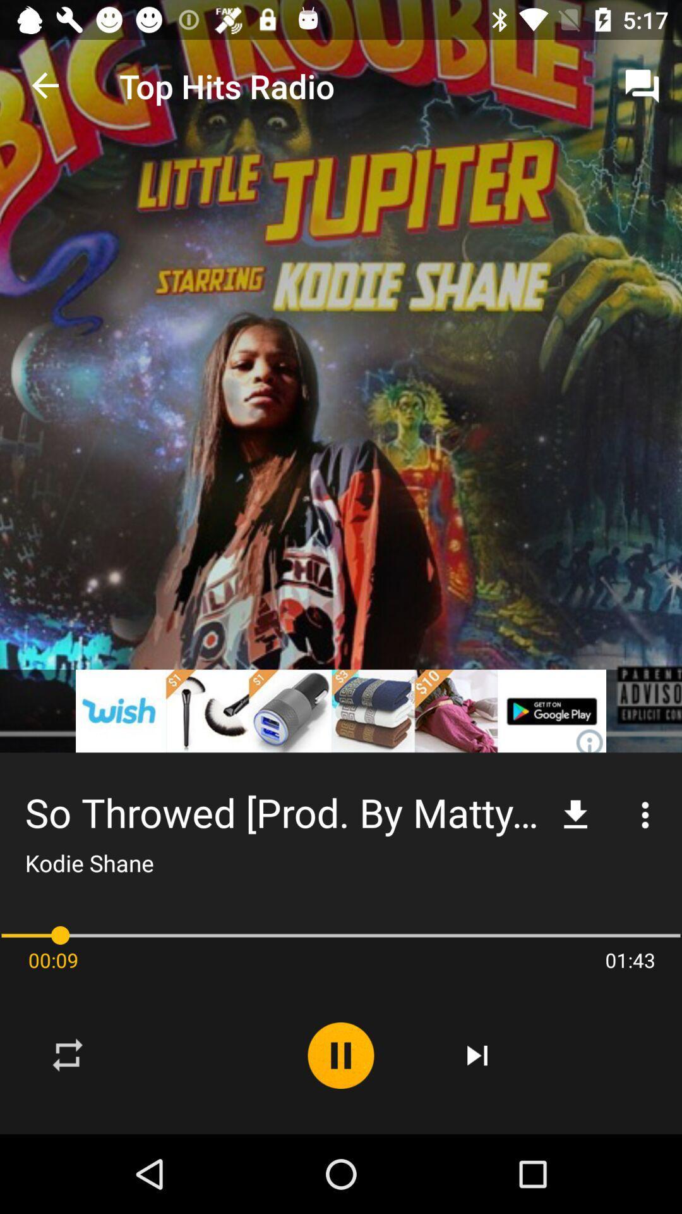  What do you see at coordinates (575, 815) in the screenshot?
I see `the file_download icon` at bounding box center [575, 815].